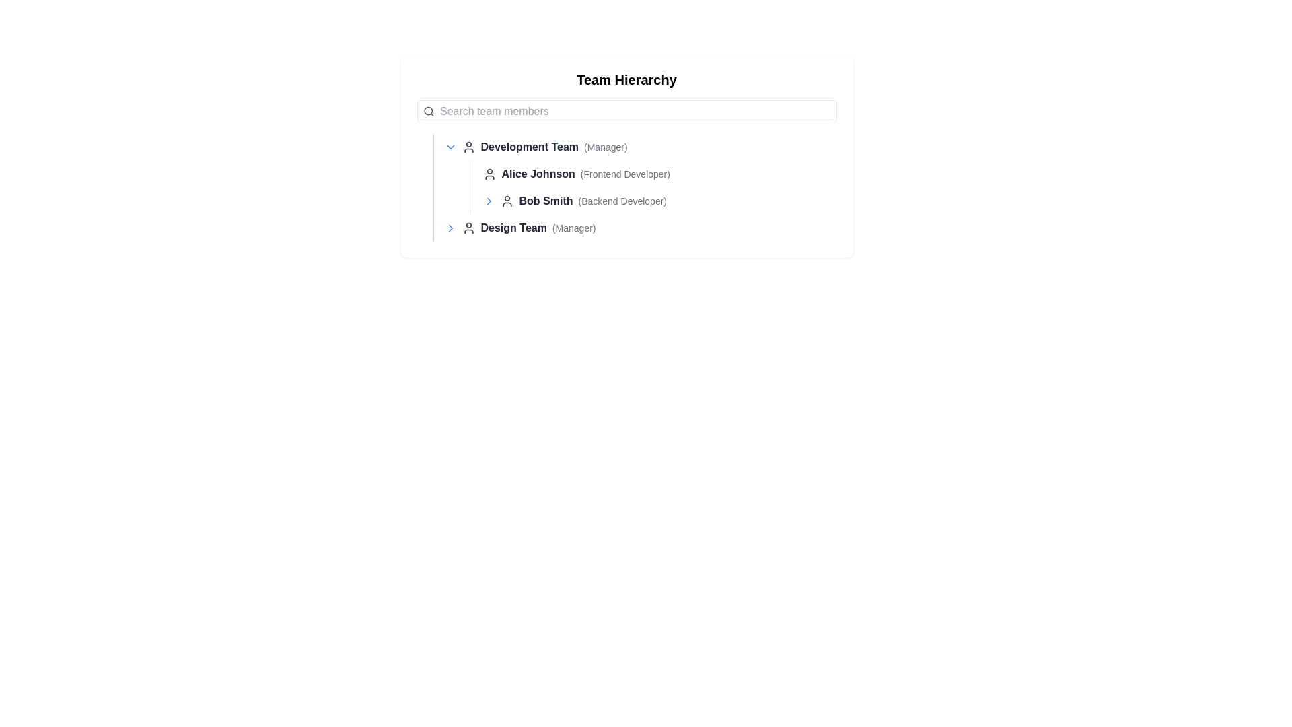 Image resolution: width=1292 pixels, height=727 pixels. What do you see at coordinates (468, 147) in the screenshot?
I see `the user icon represented as an outline of a person with a gray color, located to the left of the text 'Development Team (Manager)' in the 'Development Team' row` at bounding box center [468, 147].